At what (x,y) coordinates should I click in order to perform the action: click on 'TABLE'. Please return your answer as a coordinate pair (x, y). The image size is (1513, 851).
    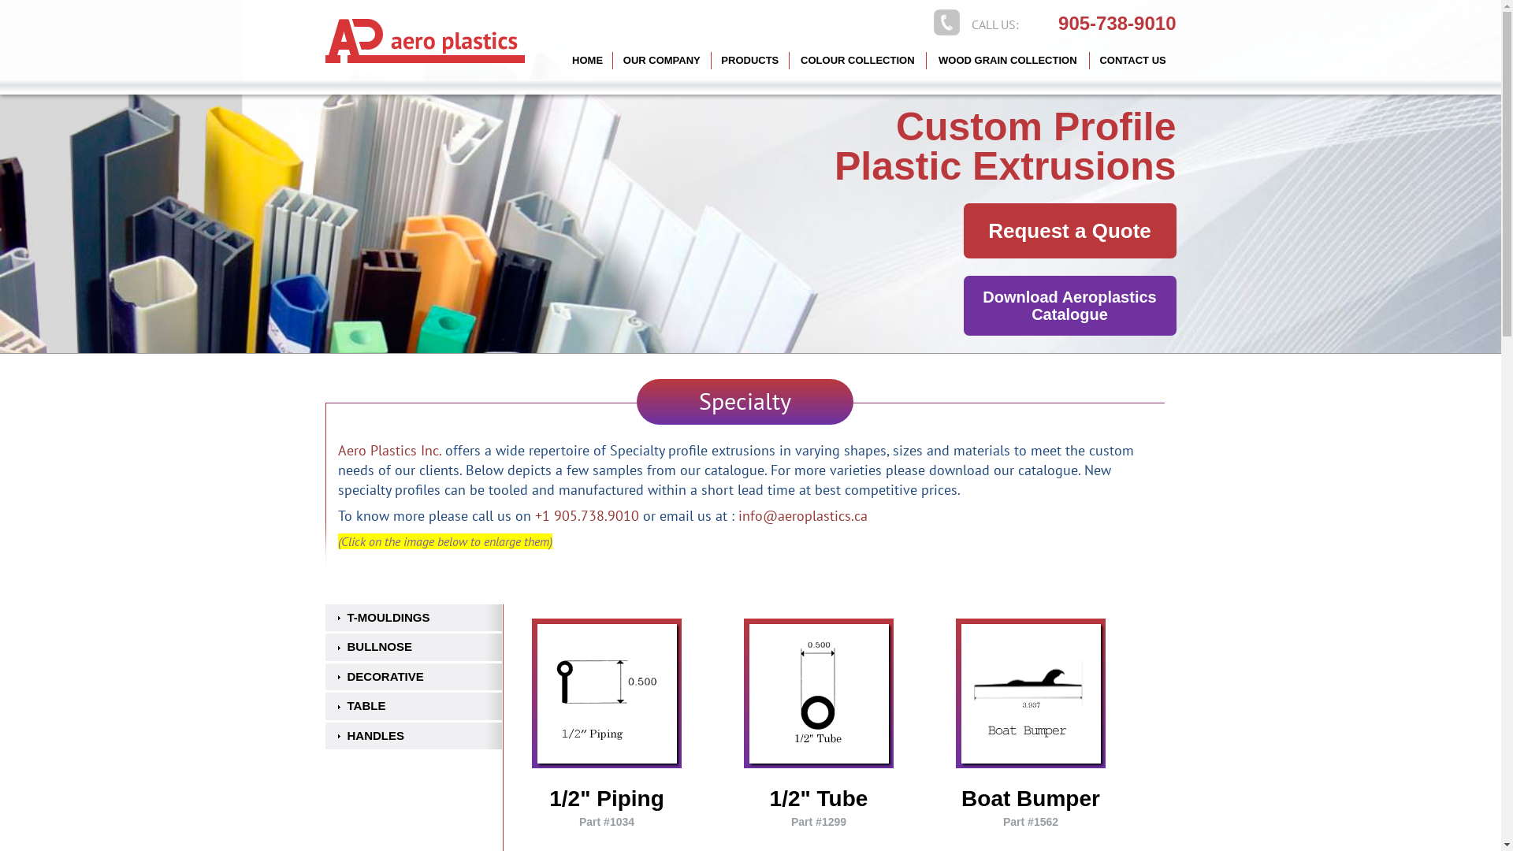
    Looking at the image, I should click on (324, 705).